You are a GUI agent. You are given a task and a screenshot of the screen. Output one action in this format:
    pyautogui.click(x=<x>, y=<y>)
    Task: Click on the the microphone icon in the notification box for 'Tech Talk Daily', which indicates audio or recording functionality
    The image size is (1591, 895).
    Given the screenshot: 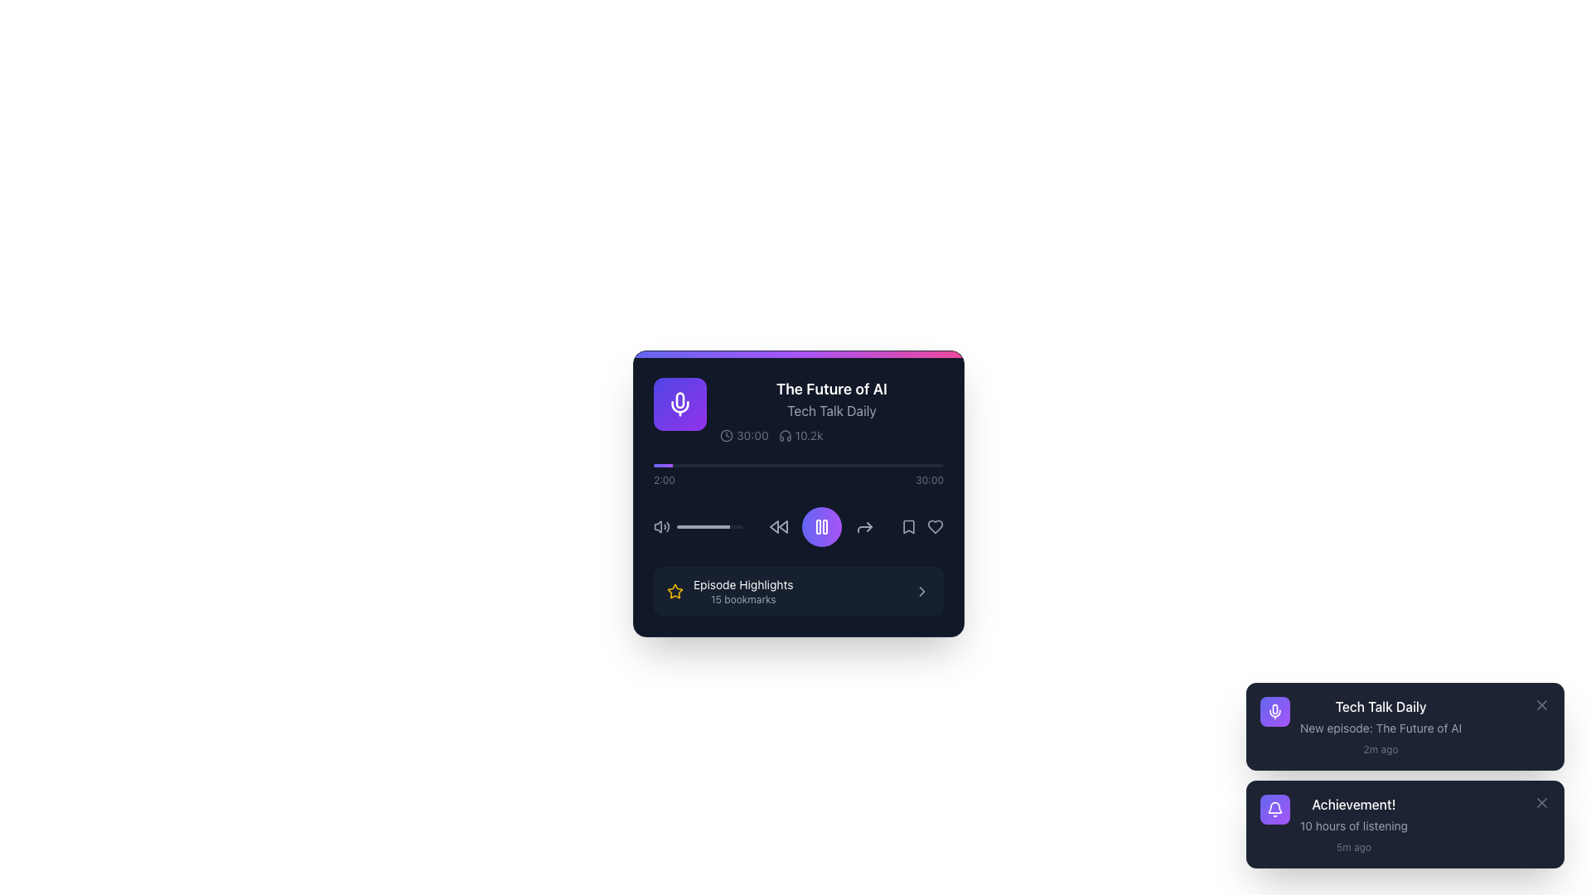 What is the action you would take?
    pyautogui.click(x=1274, y=709)
    